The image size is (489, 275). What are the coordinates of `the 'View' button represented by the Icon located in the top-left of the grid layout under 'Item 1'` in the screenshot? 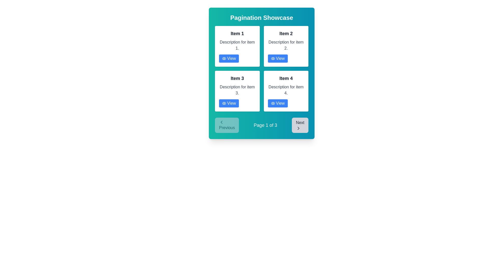 It's located at (224, 58).